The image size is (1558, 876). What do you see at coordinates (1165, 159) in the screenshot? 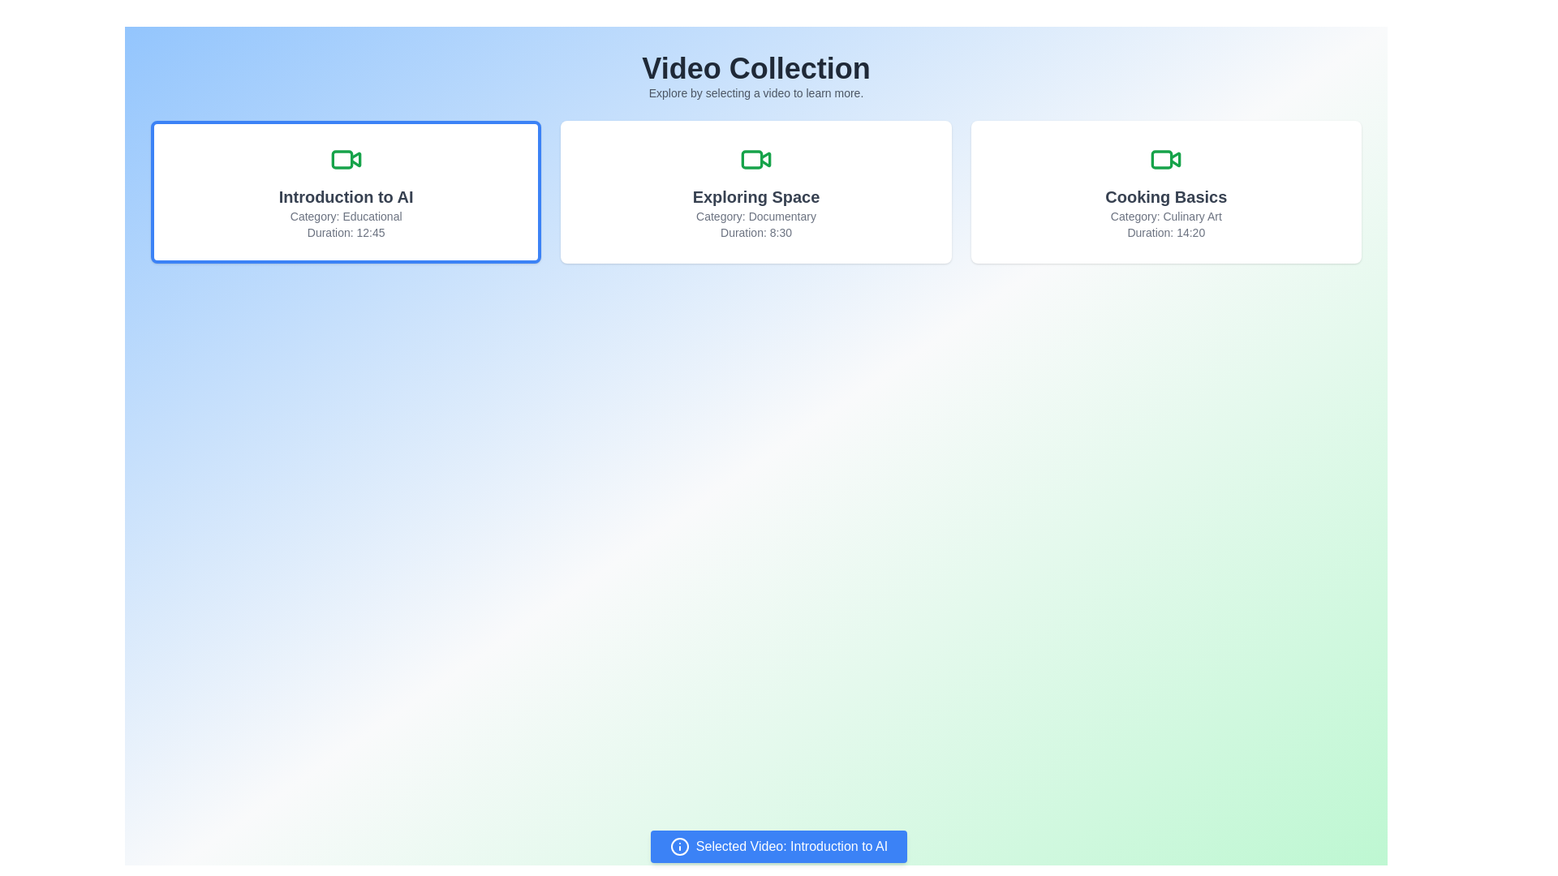
I see `the video-related resource icon located at the top center of the 'Cooking Basics' card, which is the far right card in the interface` at bounding box center [1165, 159].